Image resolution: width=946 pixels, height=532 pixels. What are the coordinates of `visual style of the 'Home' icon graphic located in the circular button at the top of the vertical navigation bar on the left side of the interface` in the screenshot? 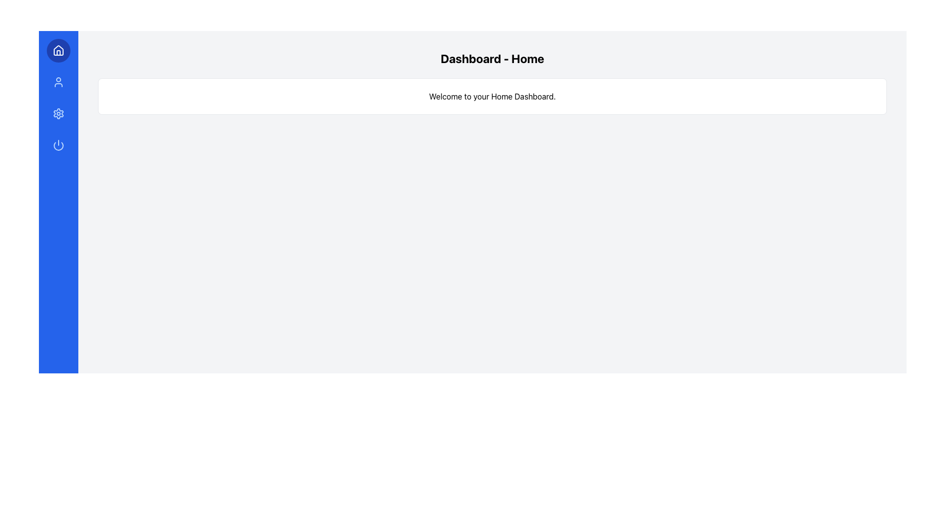 It's located at (58, 50).